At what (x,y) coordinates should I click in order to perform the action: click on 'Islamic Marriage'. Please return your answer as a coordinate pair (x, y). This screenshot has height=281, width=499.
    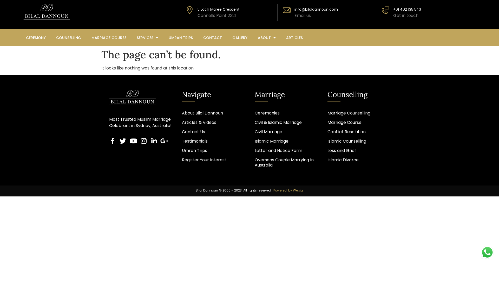
    Looking at the image, I should click on (254, 141).